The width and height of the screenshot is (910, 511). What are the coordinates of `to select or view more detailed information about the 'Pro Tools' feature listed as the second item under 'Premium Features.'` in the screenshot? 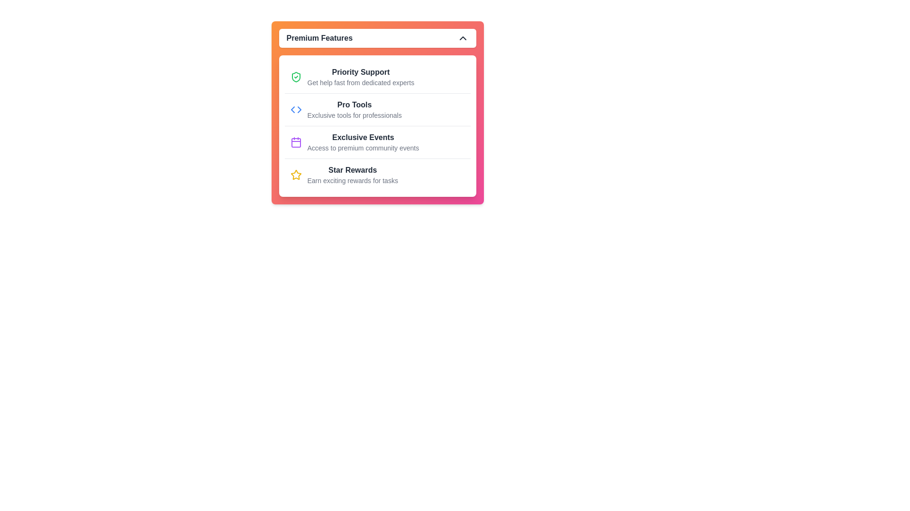 It's located at (377, 112).